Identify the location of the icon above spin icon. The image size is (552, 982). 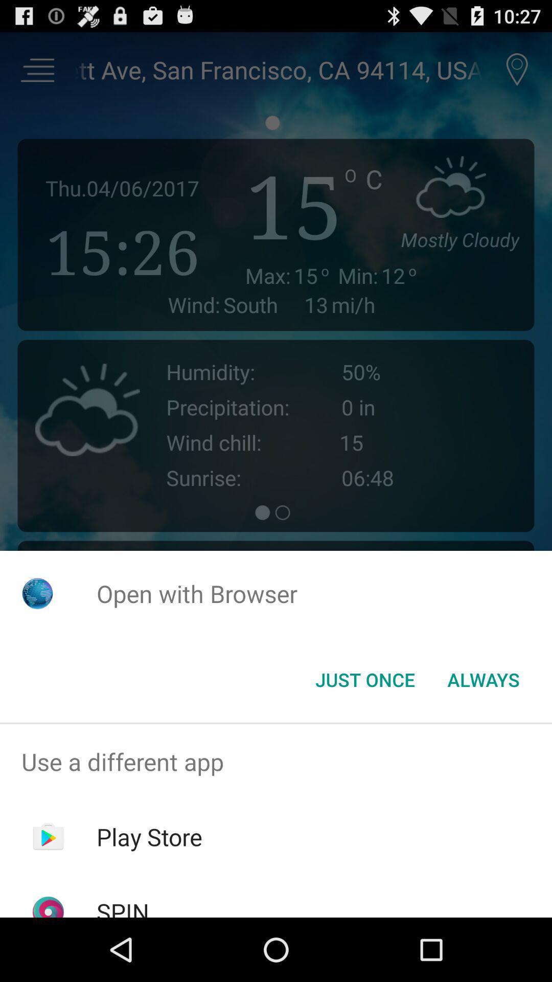
(149, 837).